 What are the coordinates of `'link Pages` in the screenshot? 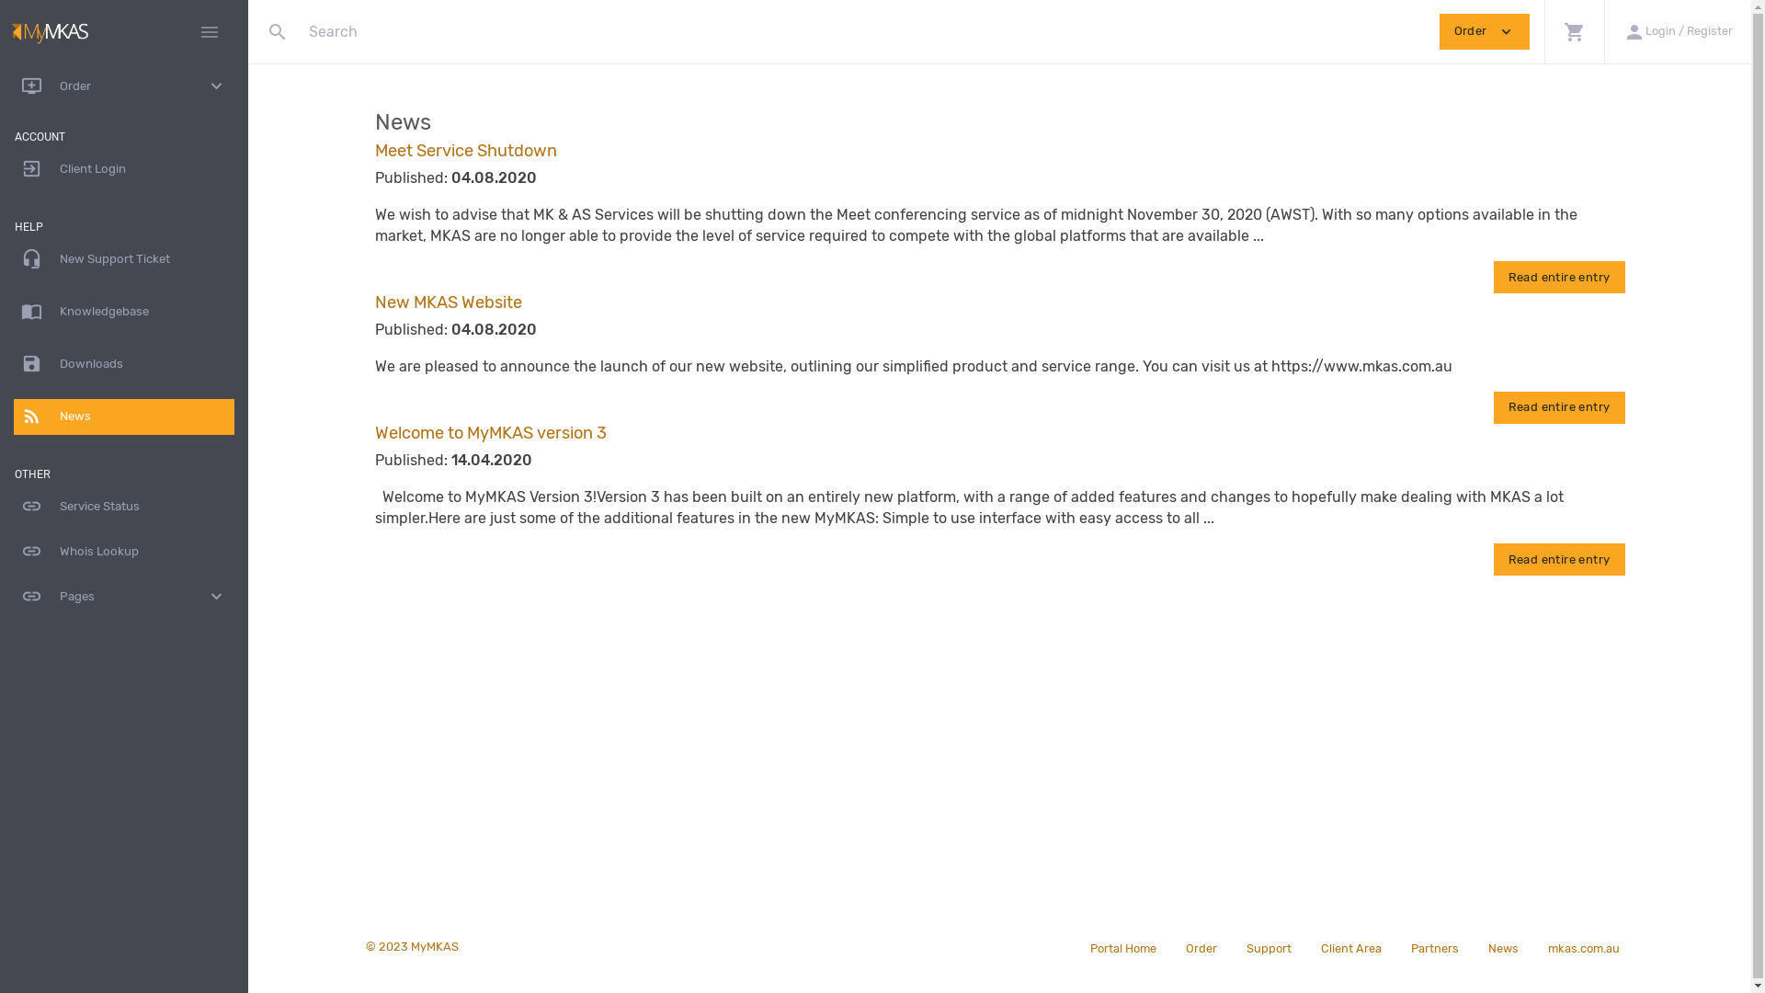 It's located at (122, 597).